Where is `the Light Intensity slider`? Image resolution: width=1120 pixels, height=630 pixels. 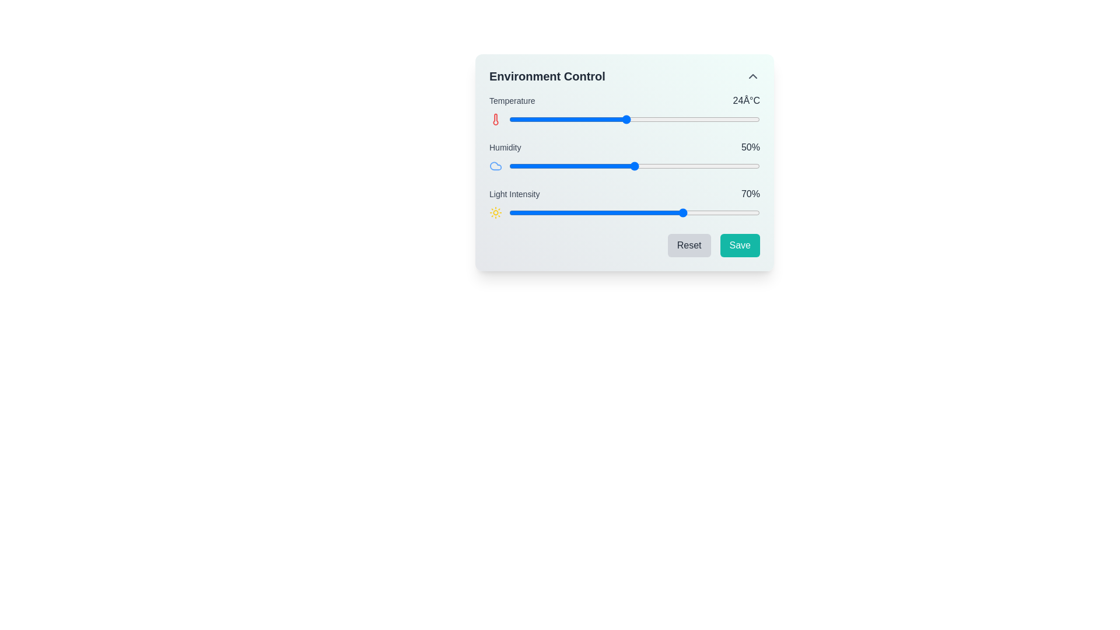 the Light Intensity slider is located at coordinates (574, 213).